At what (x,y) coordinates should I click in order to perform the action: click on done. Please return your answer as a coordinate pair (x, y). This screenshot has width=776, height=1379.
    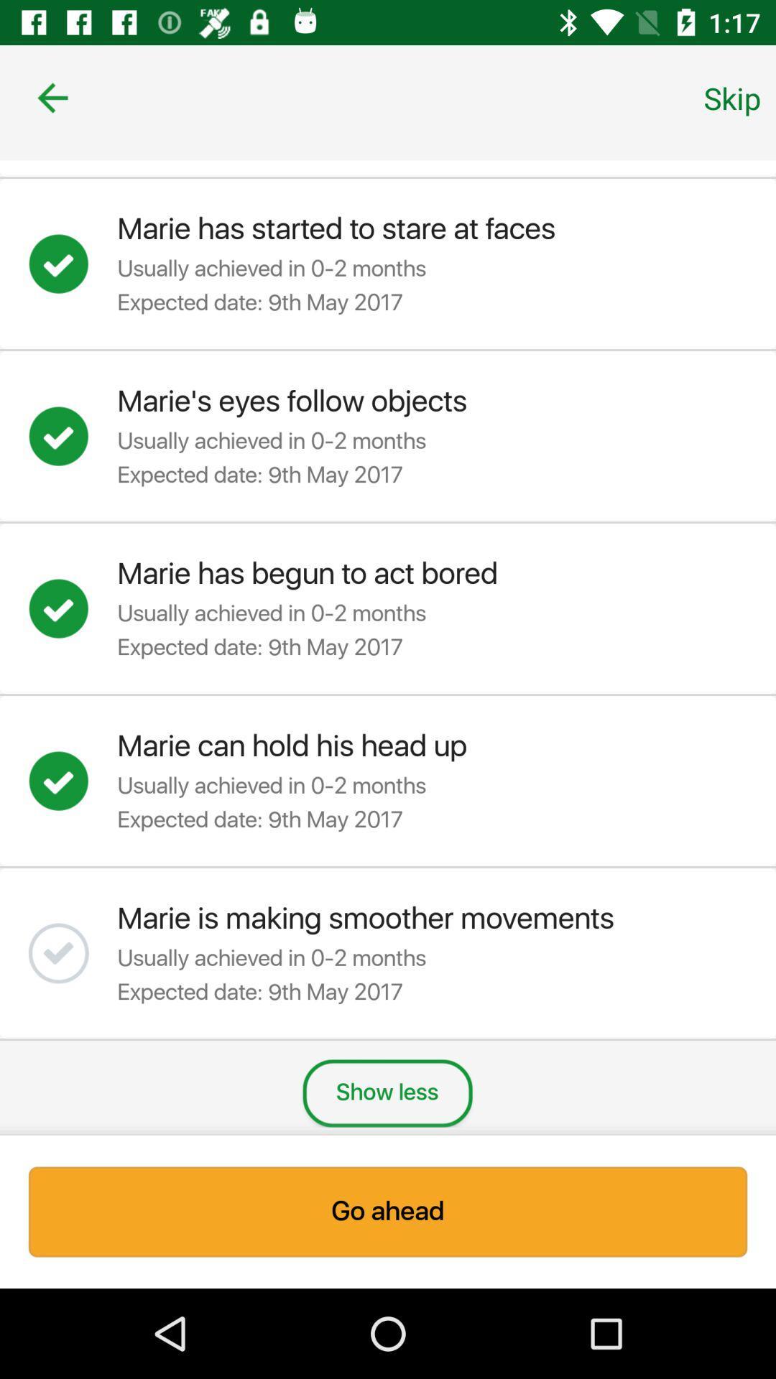
    Looking at the image, I should click on (73, 608).